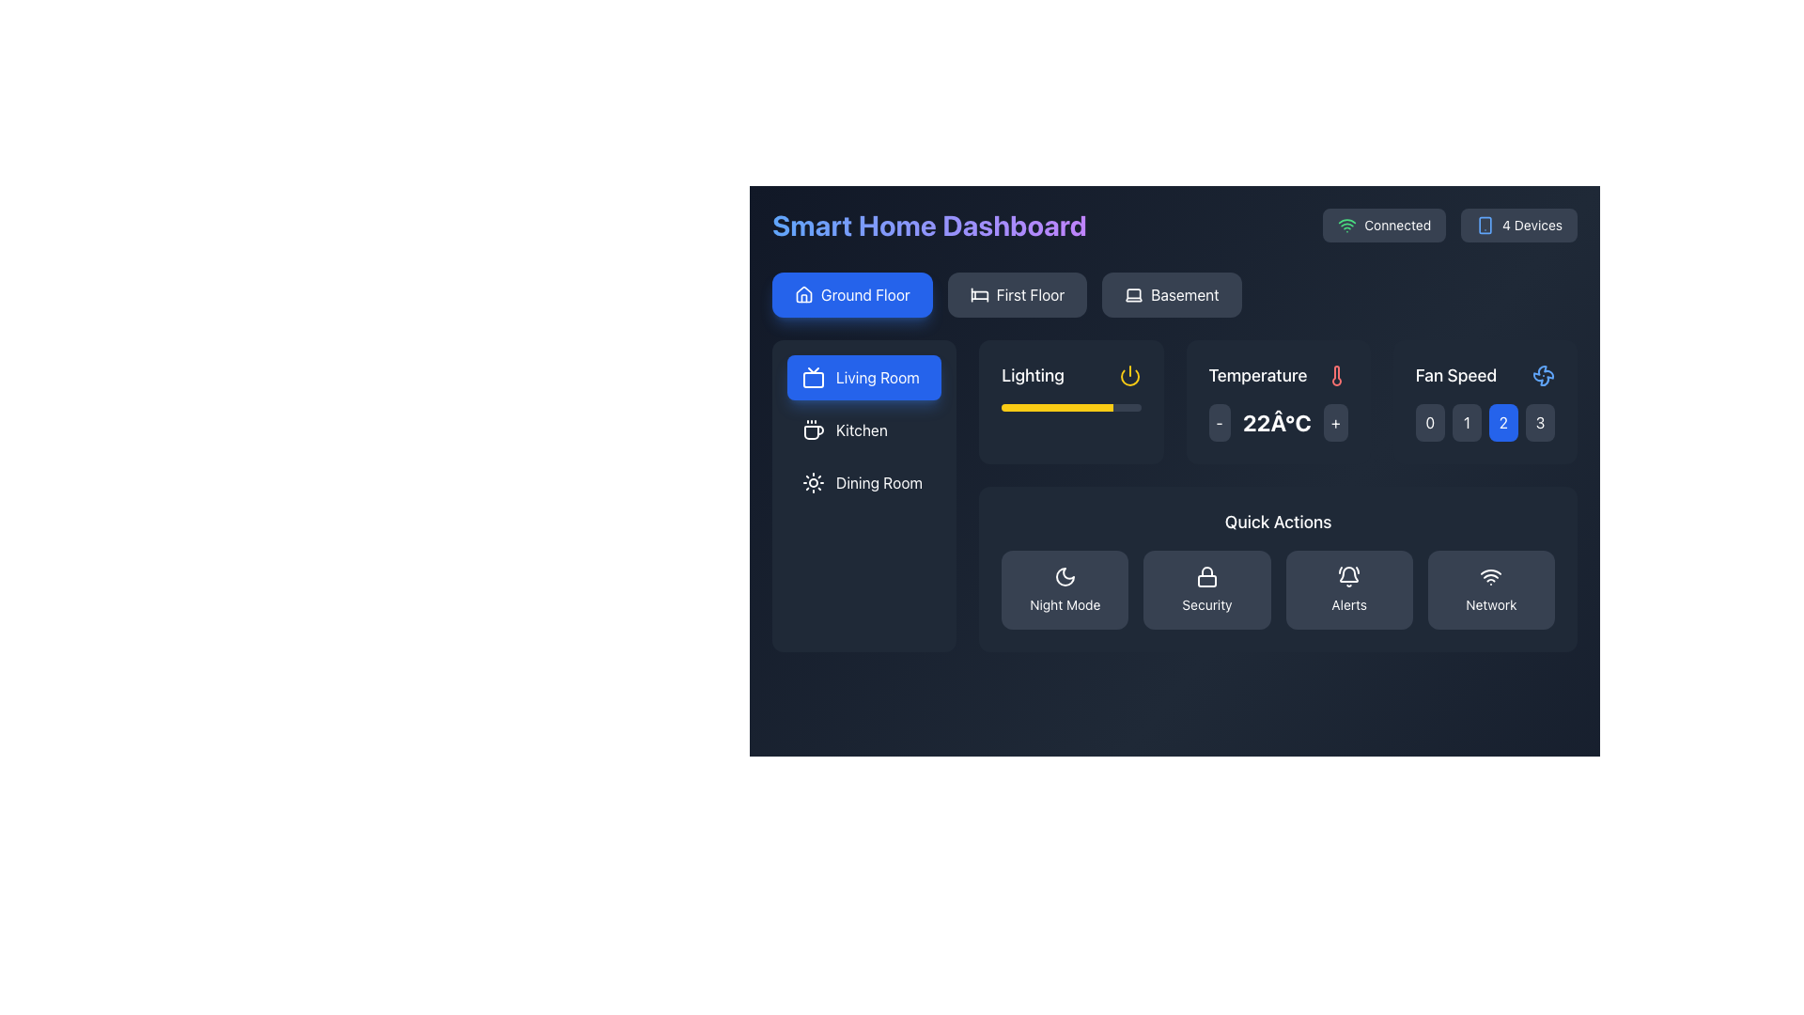  Describe the element at coordinates (1334, 423) in the screenshot. I see `the small square button featuring a '+' symbol at its center, located at the far right of the temperature control panel, to observe the styling change` at that location.